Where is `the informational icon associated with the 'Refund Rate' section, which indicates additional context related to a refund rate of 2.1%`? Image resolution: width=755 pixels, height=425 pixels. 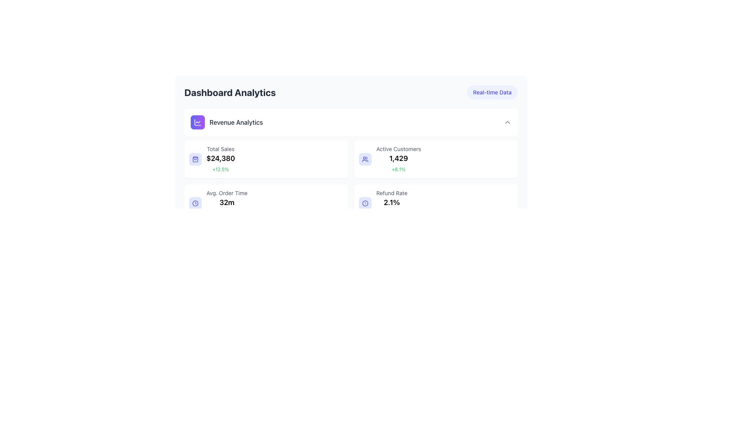
the informational icon associated with the 'Refund Rate' section, which indicates additional context related to a refund rate of 2.1% is located at coordinates (365, 203).